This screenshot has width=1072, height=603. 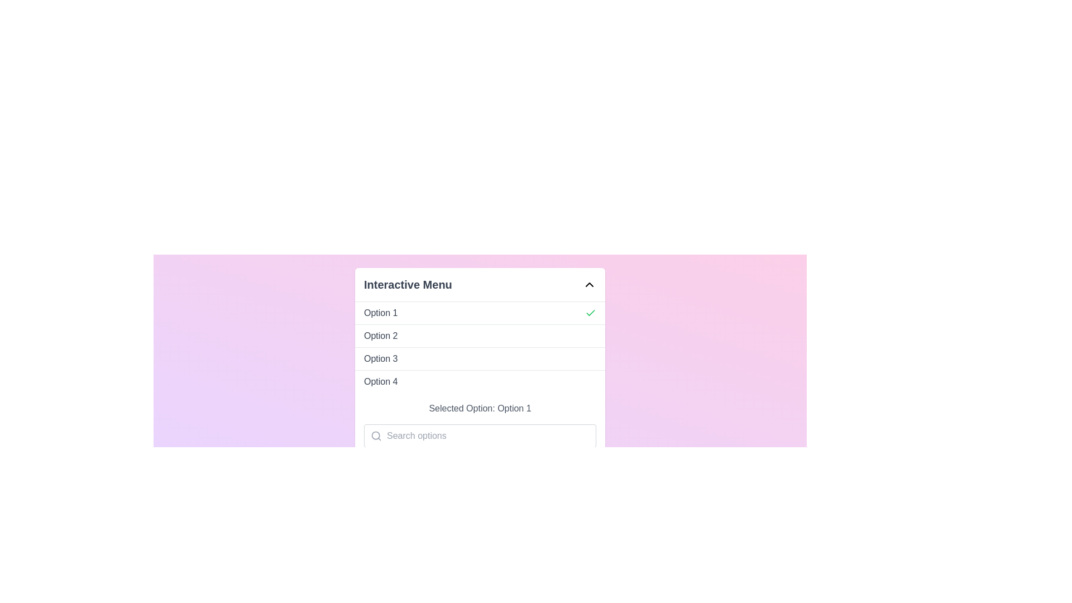 I want to click on the text label displaying 'Option 3' in dark gray font, which is the third option in the interactive menu list, so click(x=381, y=359).